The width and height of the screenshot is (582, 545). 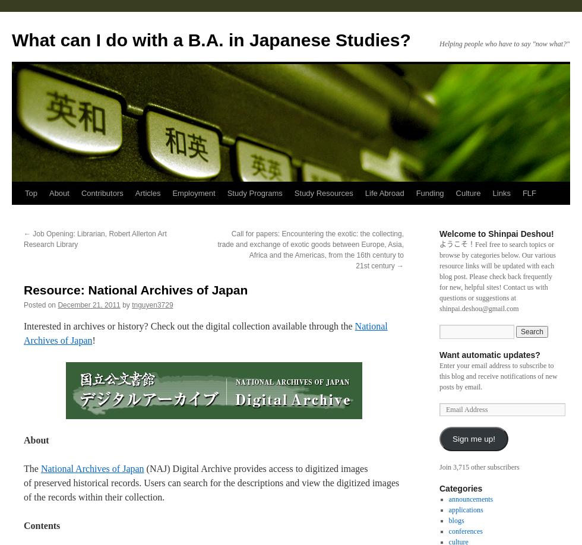 What do you see at coordinates (460, 488) in the screenshot?
I see `'Categories'` at bounding box center [460, 488].